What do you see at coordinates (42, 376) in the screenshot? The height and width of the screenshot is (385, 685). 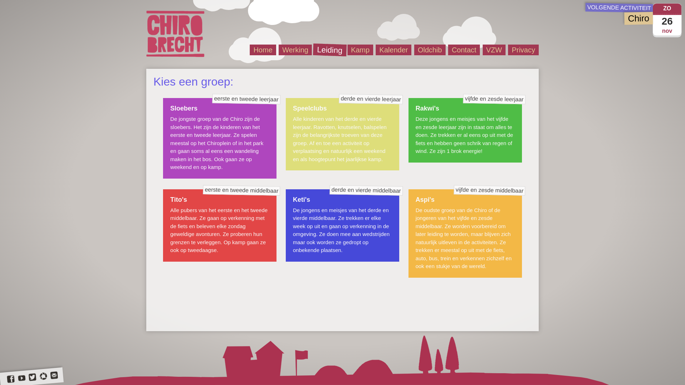 I see `'Chiro Brecht op Picasa'` at bounding box center [42, 376].